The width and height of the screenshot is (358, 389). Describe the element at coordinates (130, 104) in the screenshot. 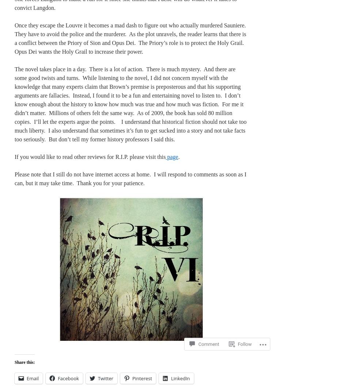

I see `'The novel takes place in a day.  There is a lot of action.  There is much mystery.  And there are some good twists and turns.  While listening to the novel, I did not concern myself with the knowledge that many experts claim that Brown’s premise is preposterous and that his supporting arguments are fallacies.  Instead, I found it to be a fun and entertaining novel to listen to.  I don’t know enough about the history to know how much was true and how much was fiction.  For me it didn’t matter.  Millions of others felt the same way.  As of 2009, the book has sold 80 million copies.  I’ll let the experts argue the points.    I understand that historical fiction should not take too much liberty.  I also understand that sometimes it’s fun to get sucked into a story and not take facts too seriously.  But don’t tell my former history professors I said this.'` at that location.